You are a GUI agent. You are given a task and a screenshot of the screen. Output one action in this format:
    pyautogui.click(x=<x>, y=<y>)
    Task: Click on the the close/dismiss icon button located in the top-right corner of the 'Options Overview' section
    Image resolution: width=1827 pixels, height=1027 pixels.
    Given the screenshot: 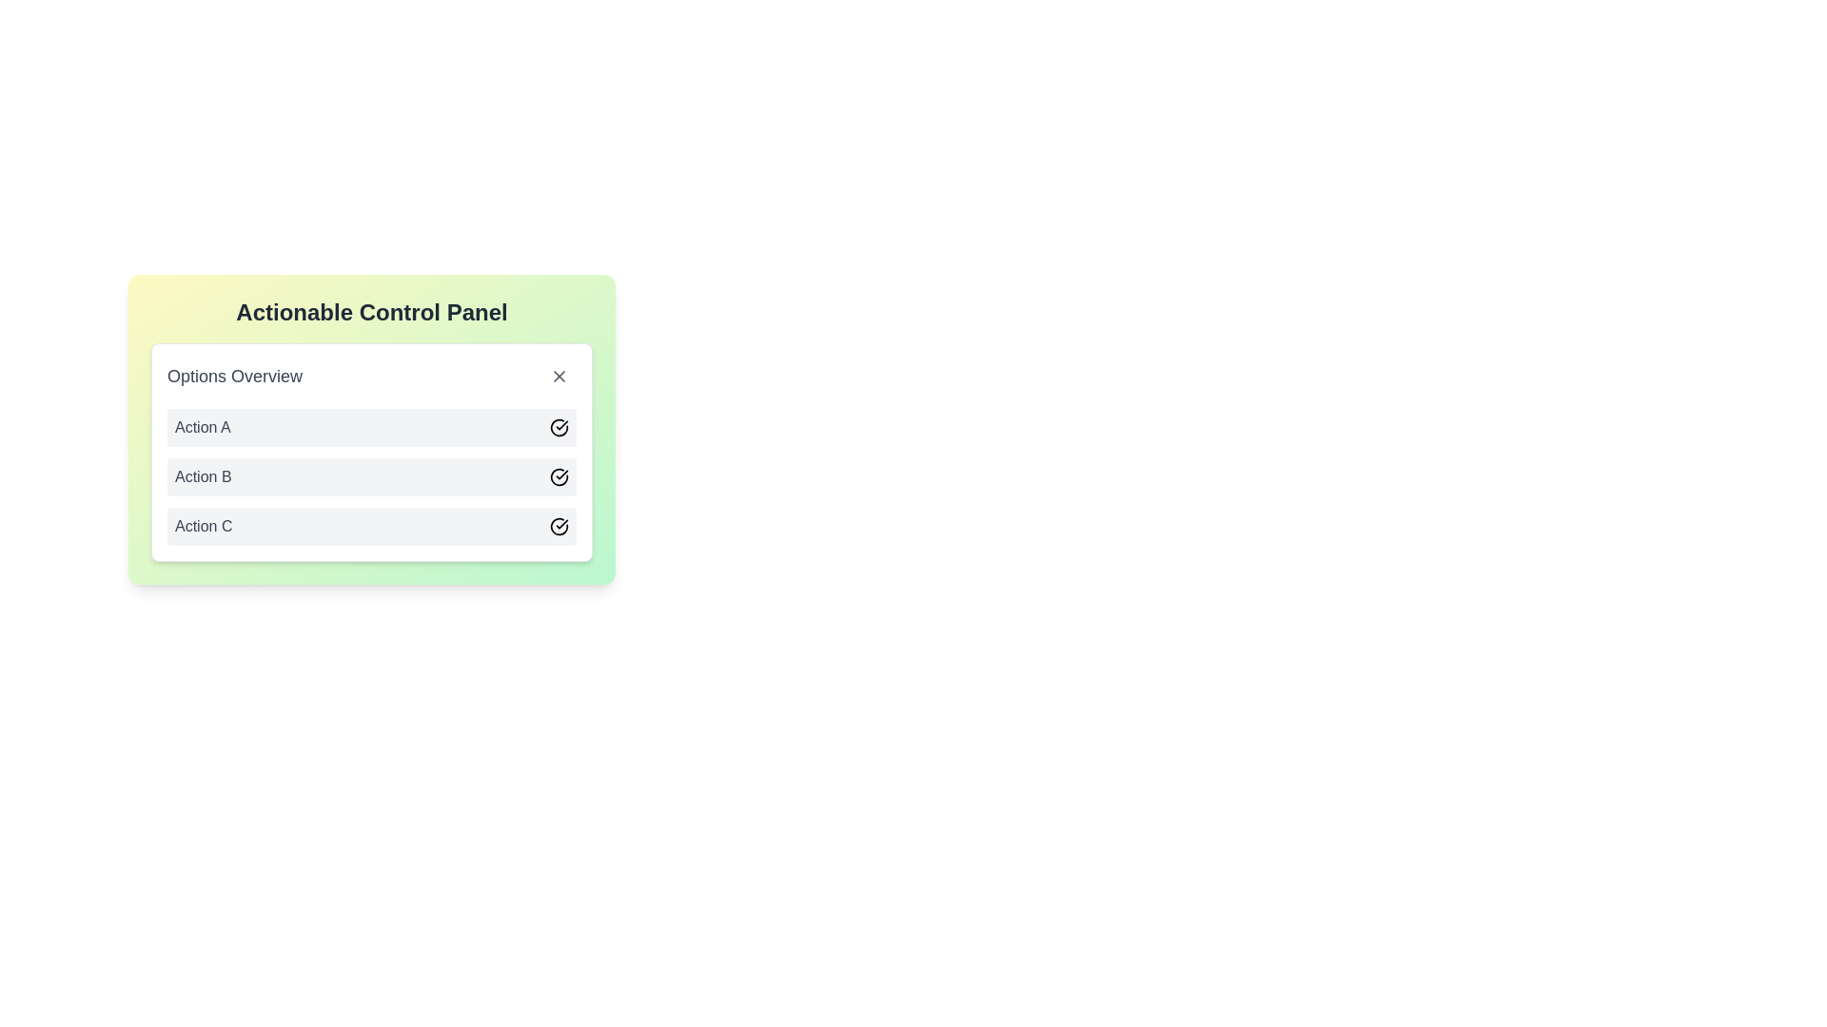 What is the action you would take?
    pyautogui.click(x=559, y=377)
    